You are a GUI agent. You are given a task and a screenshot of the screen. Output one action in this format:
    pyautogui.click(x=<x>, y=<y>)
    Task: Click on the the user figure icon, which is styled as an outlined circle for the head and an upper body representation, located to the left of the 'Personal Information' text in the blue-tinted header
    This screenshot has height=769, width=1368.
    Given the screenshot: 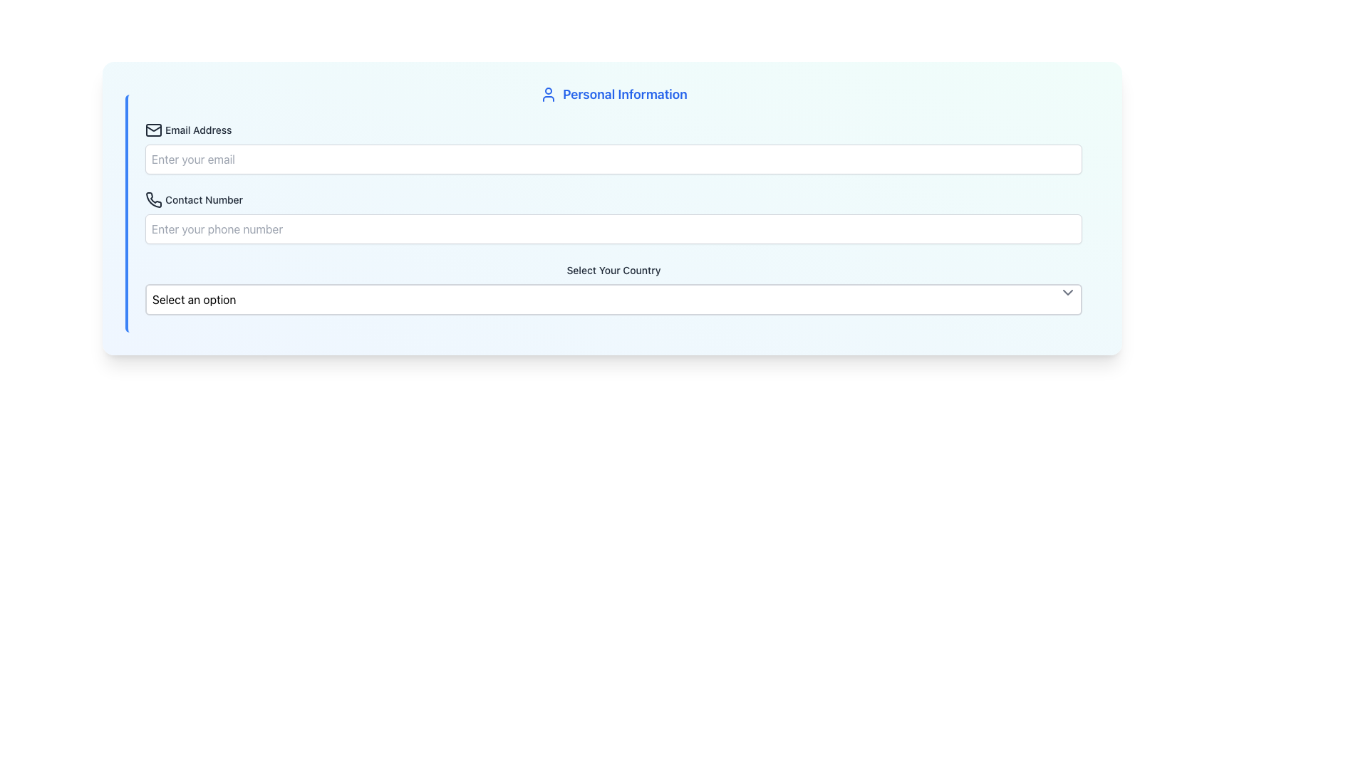 What is the action you would take?
    pyautogui.click(x=548, y=94)
    